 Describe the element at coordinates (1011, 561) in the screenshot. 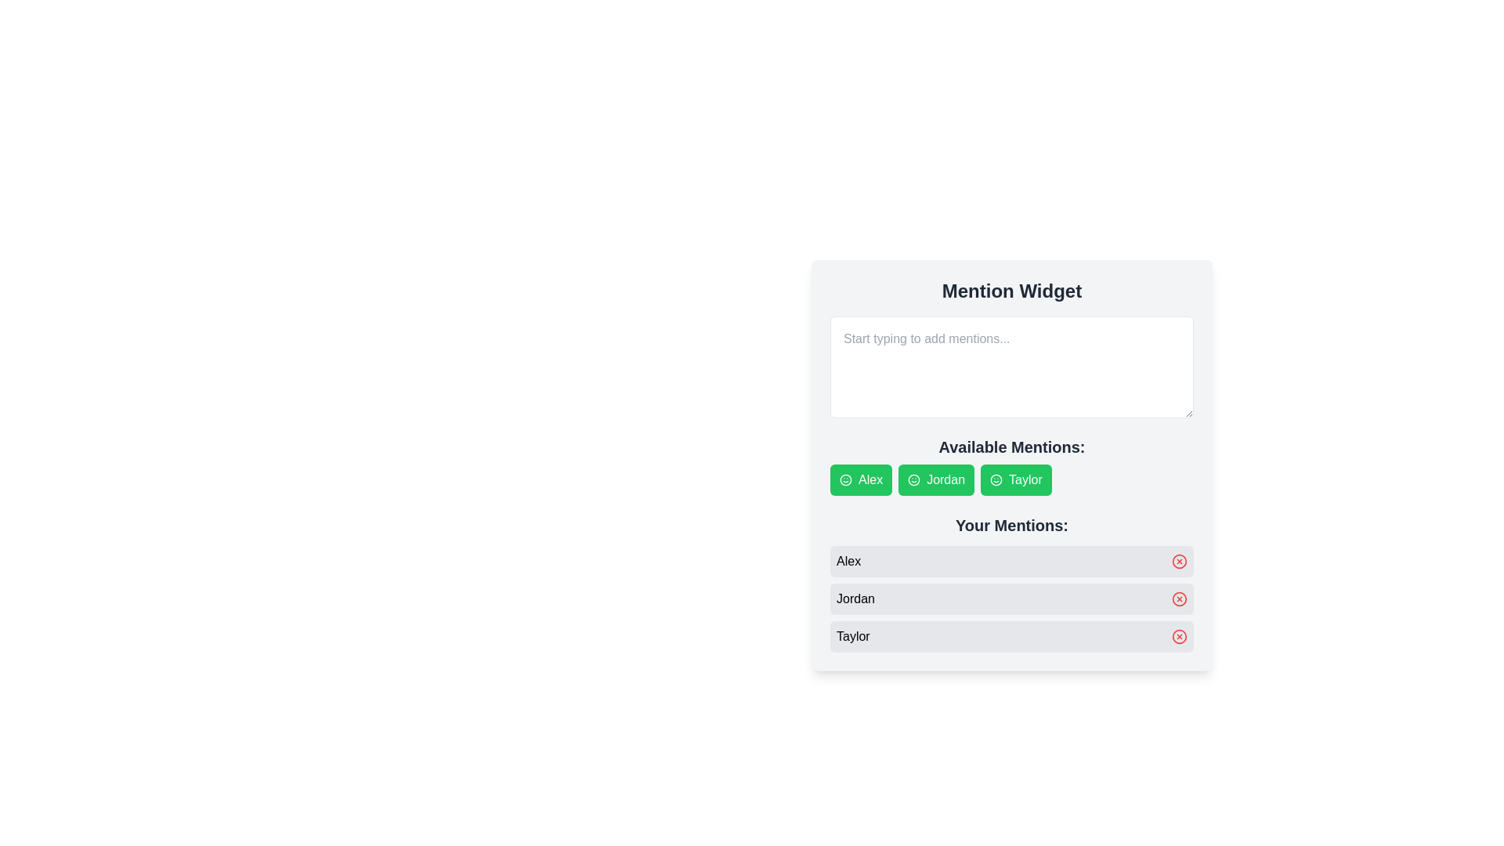

I see `the list item labeled 'Alex'` at that location.